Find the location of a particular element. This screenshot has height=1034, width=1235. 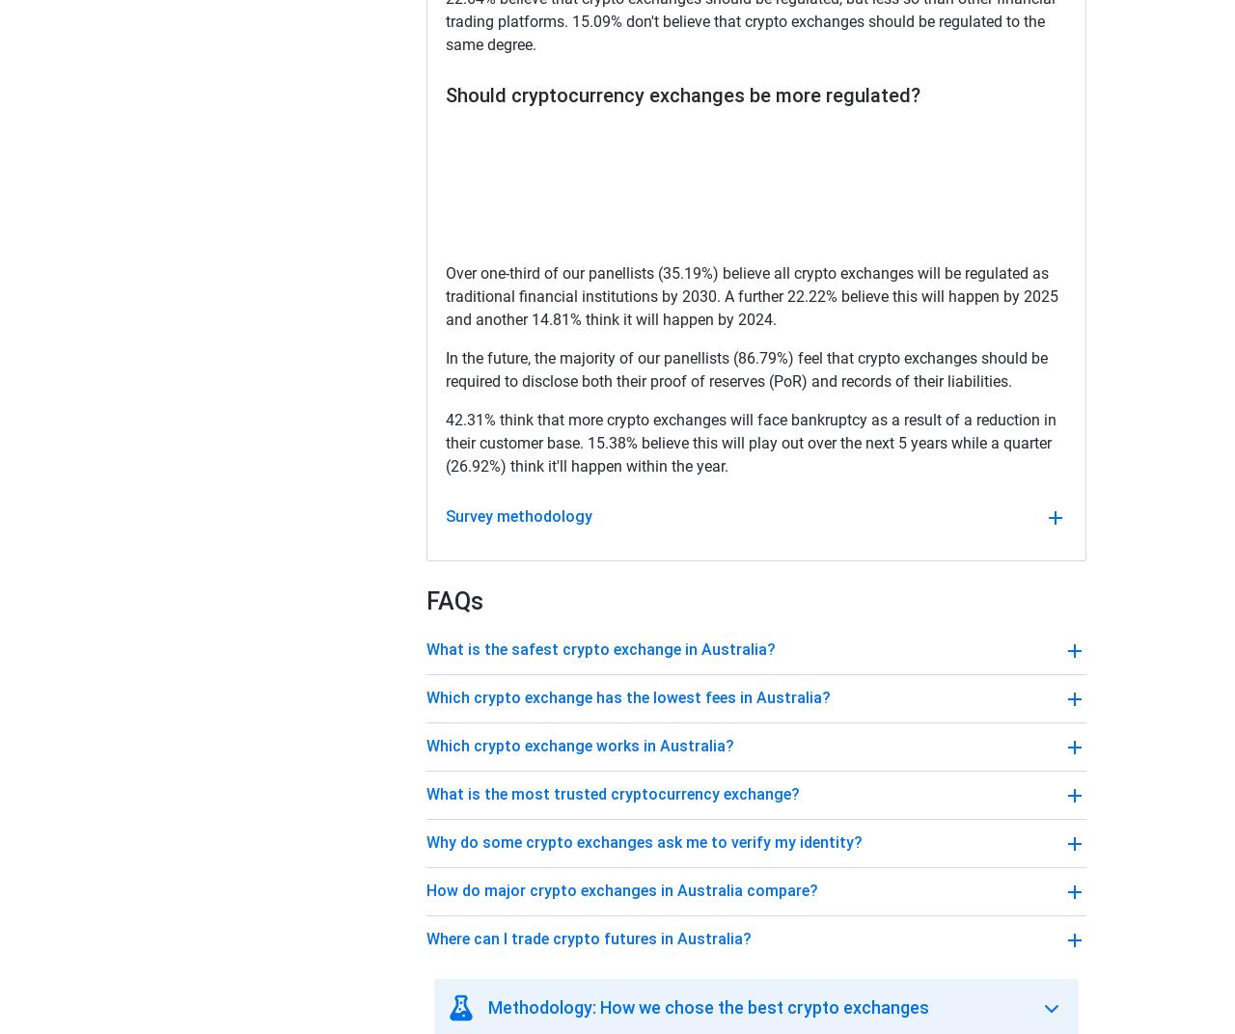

'Should cryptocurrency exchanges be more regulated?' is located at coordinates (444, 95).